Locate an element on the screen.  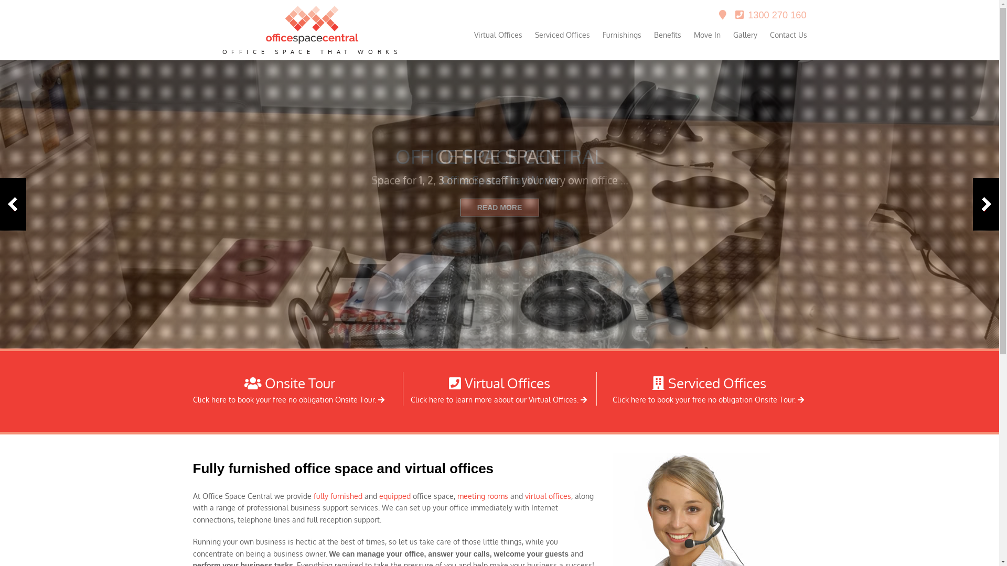
'virtual offices' is located at coordinates (547, 495).